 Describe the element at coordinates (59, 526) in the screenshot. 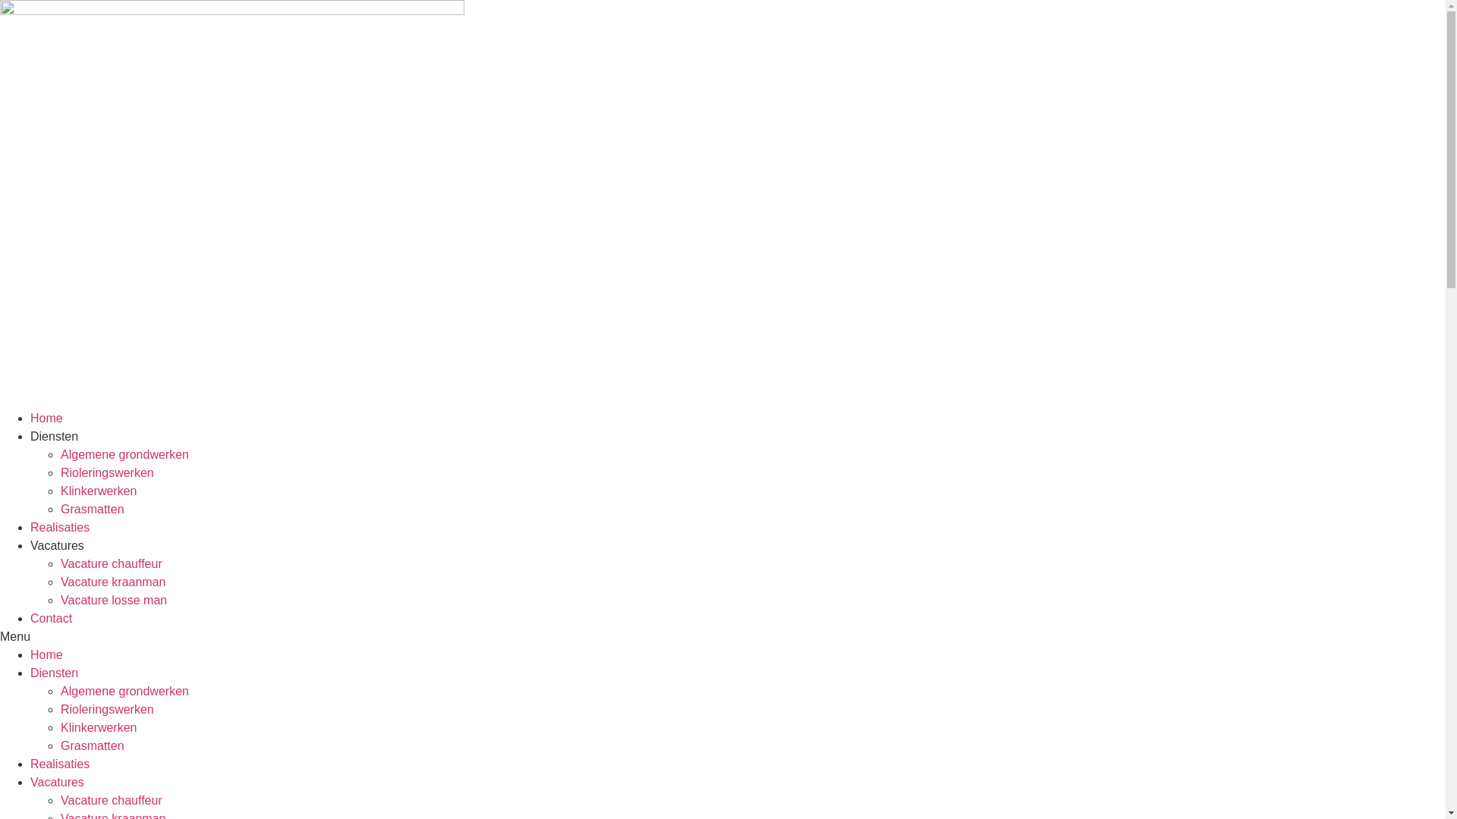

I see `'Realisaties'` at that location.